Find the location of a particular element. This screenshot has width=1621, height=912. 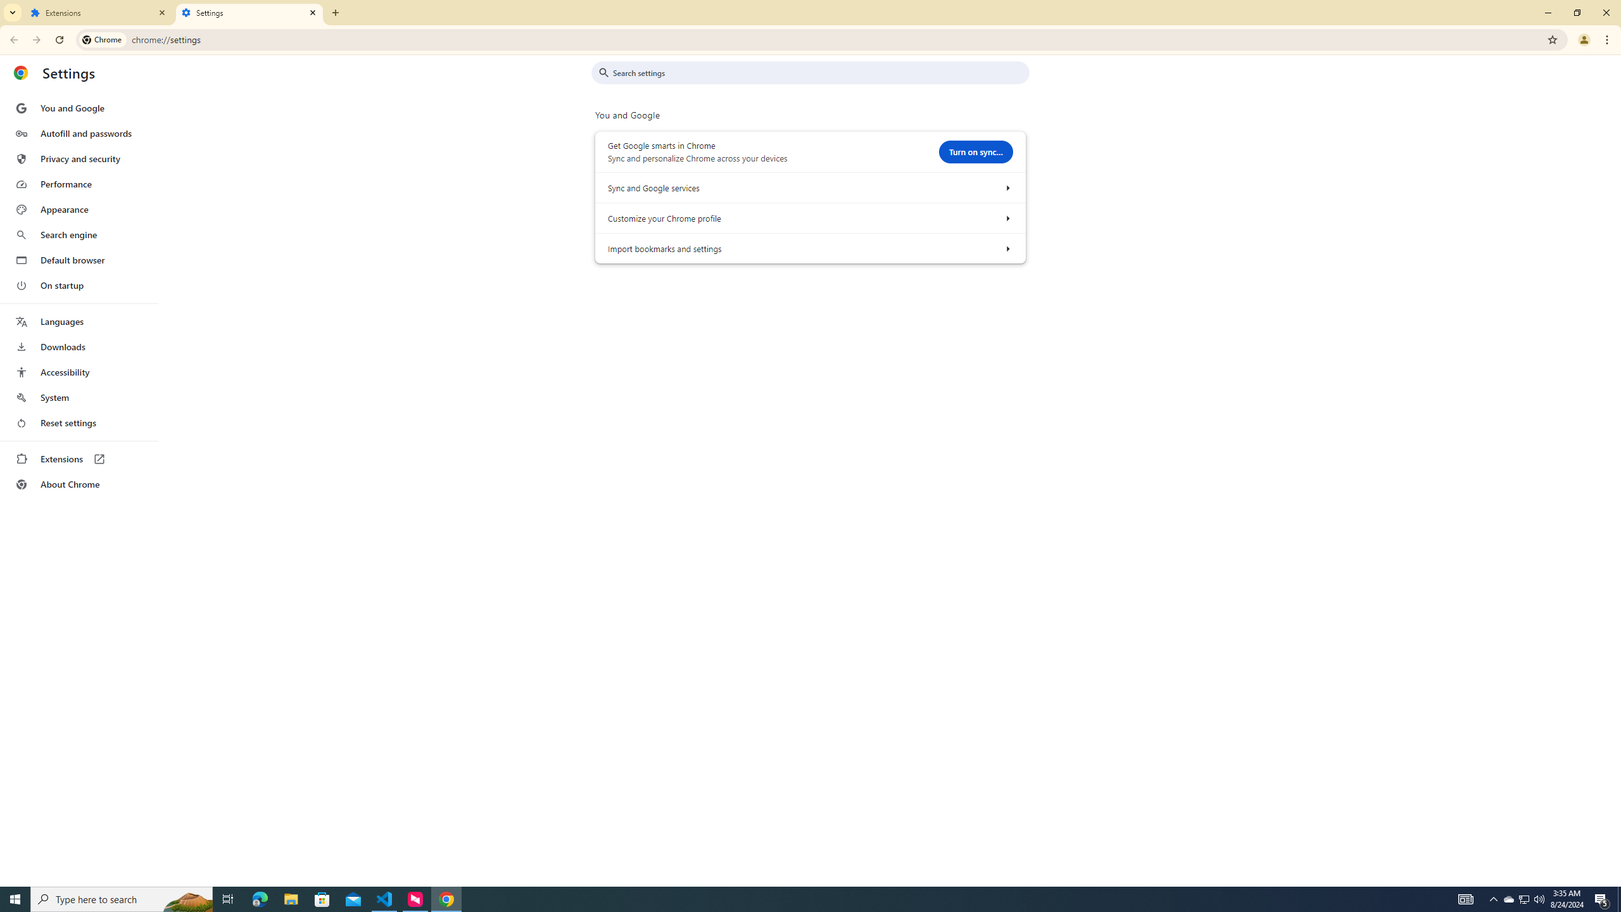

'Default browser' is located at coordinates (78, 260).